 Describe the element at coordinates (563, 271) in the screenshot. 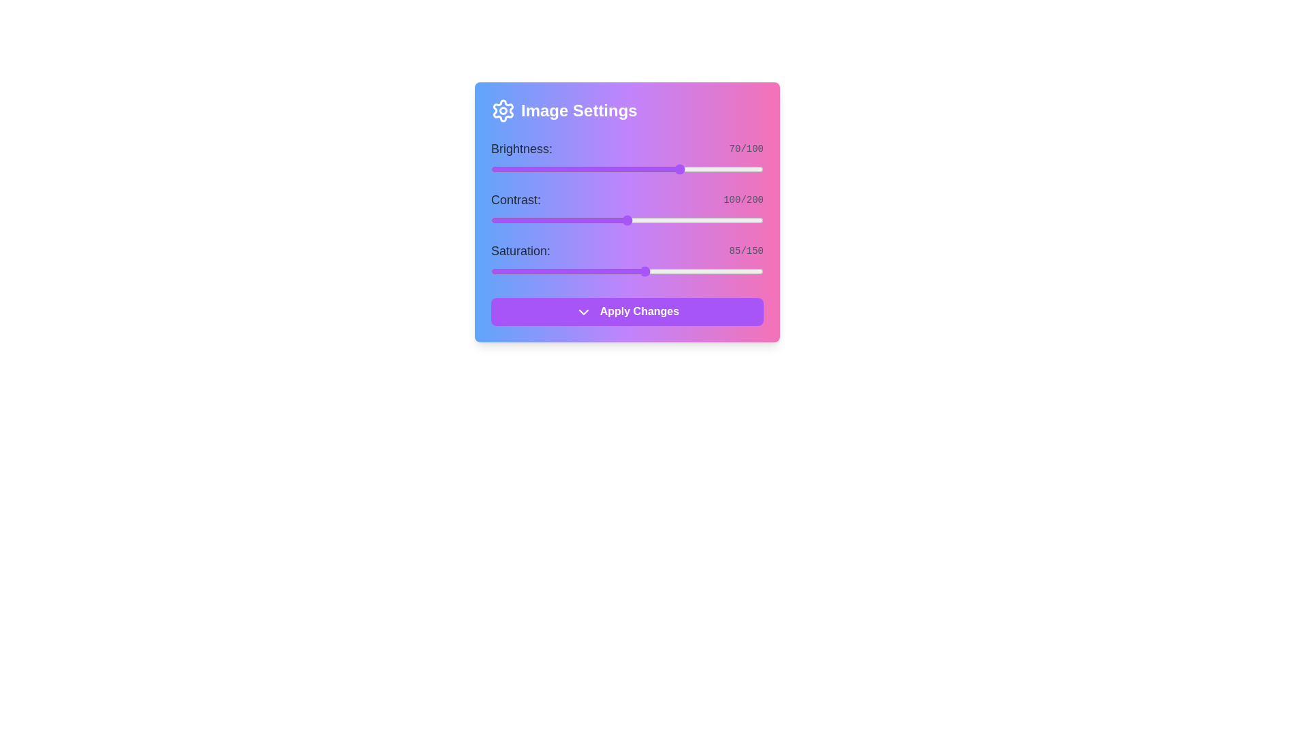

I see `the saturation slider to 40 level` at that location.